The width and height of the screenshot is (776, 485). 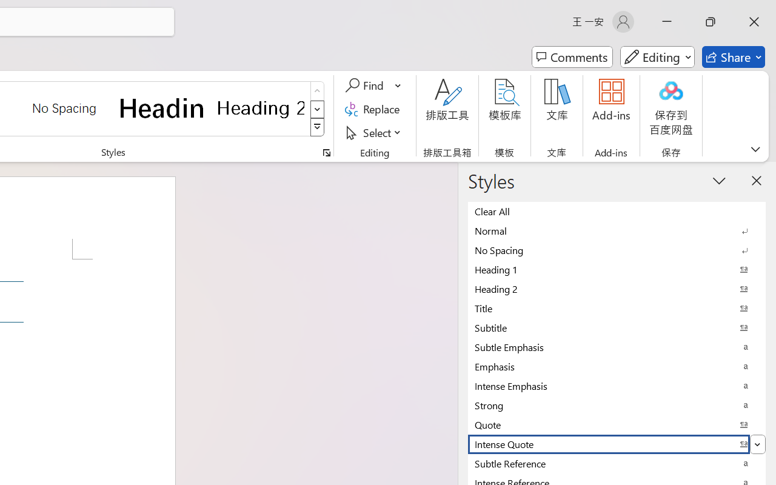 I want to click on 'Styles...', so click(x=326, y=152).